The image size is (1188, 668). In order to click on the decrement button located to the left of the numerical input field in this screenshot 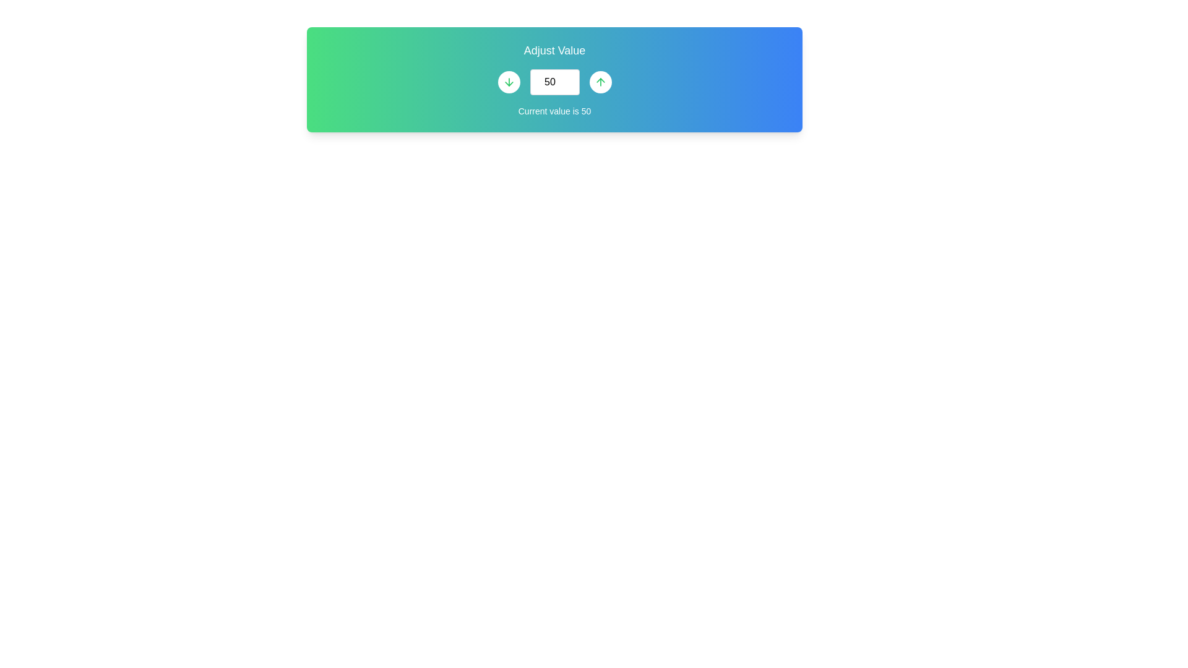, I will do `click(509, 82)`.